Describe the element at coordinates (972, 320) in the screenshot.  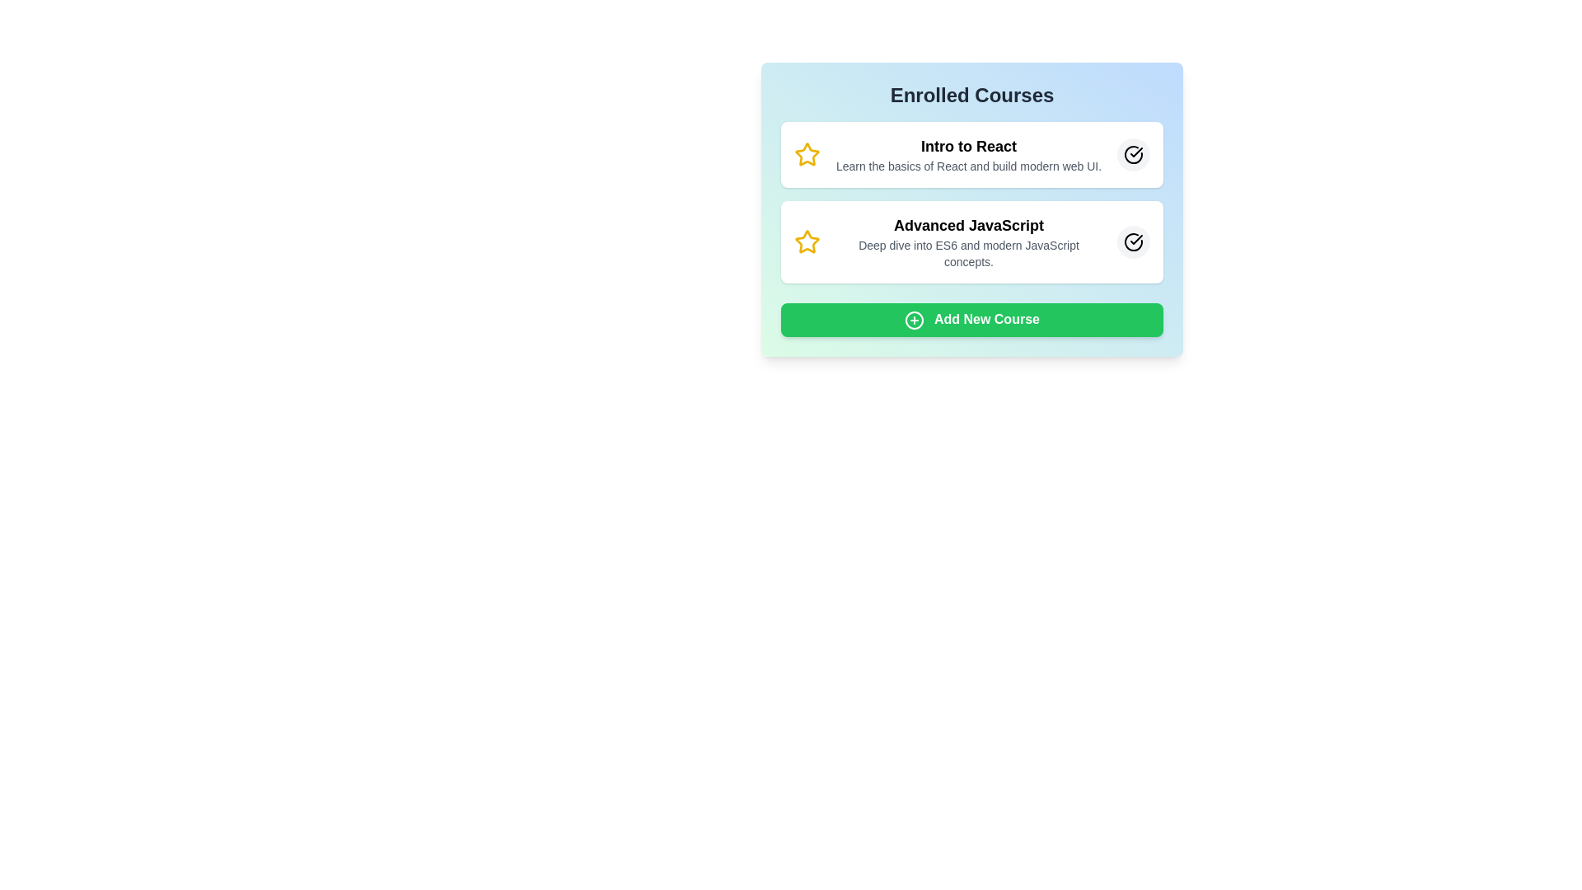
I see `'Add New Course' button` at that location.